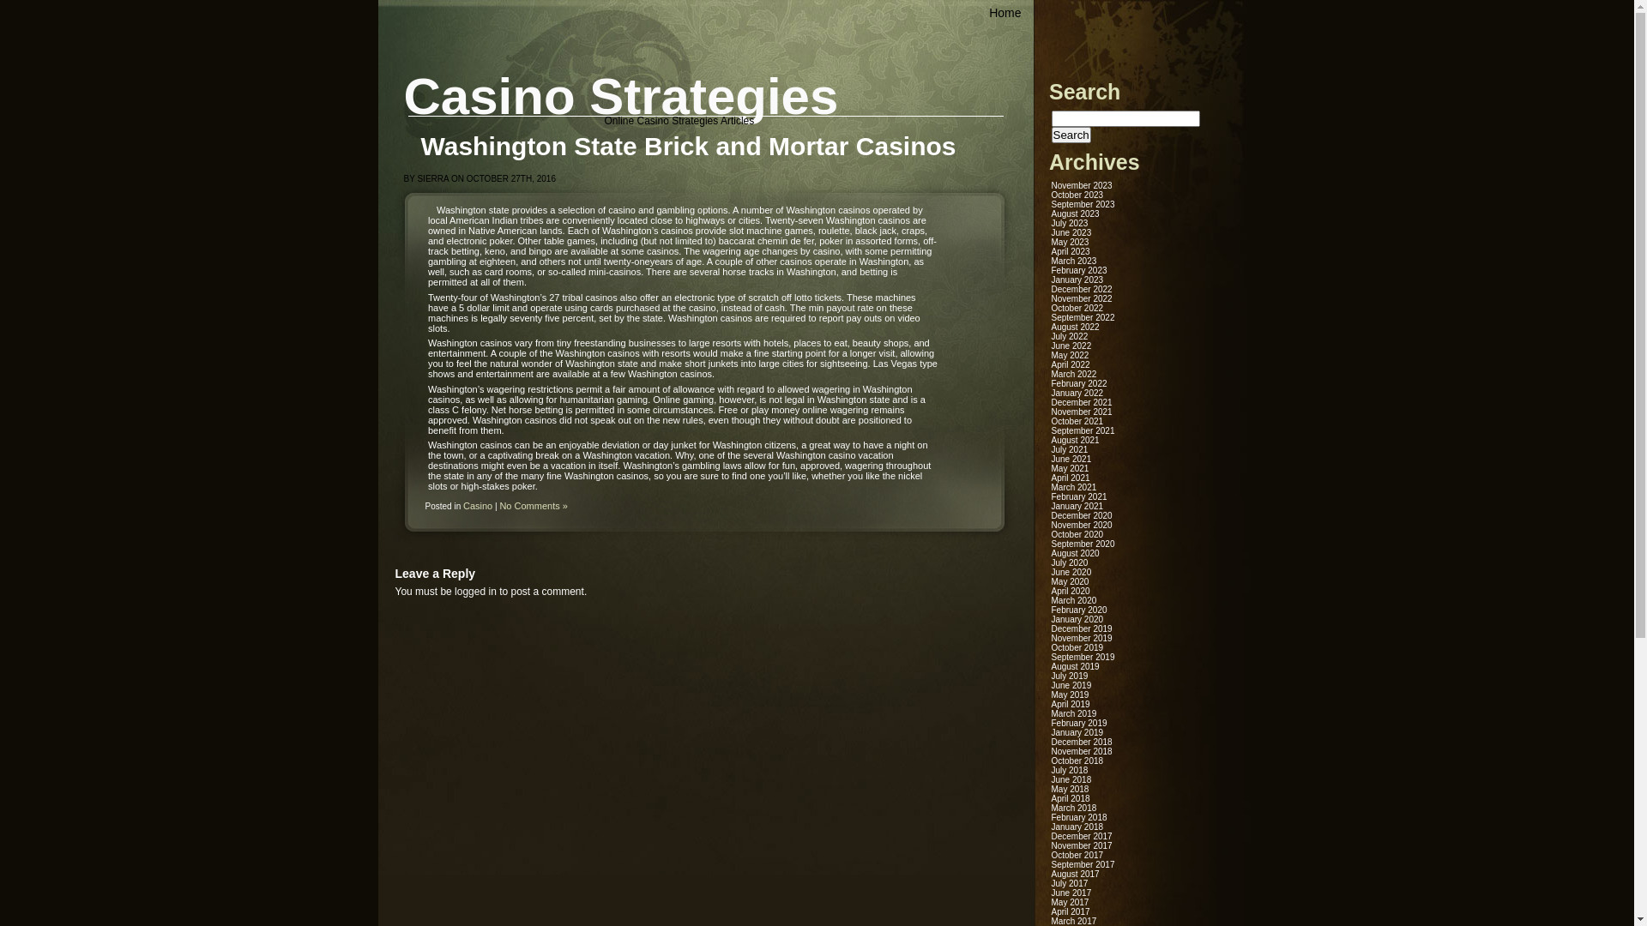 This screenshot has width=1647, height=926. Describe the element at coordinates (1070, 901) in the screenshot. I see `'May 2017'` at that location.